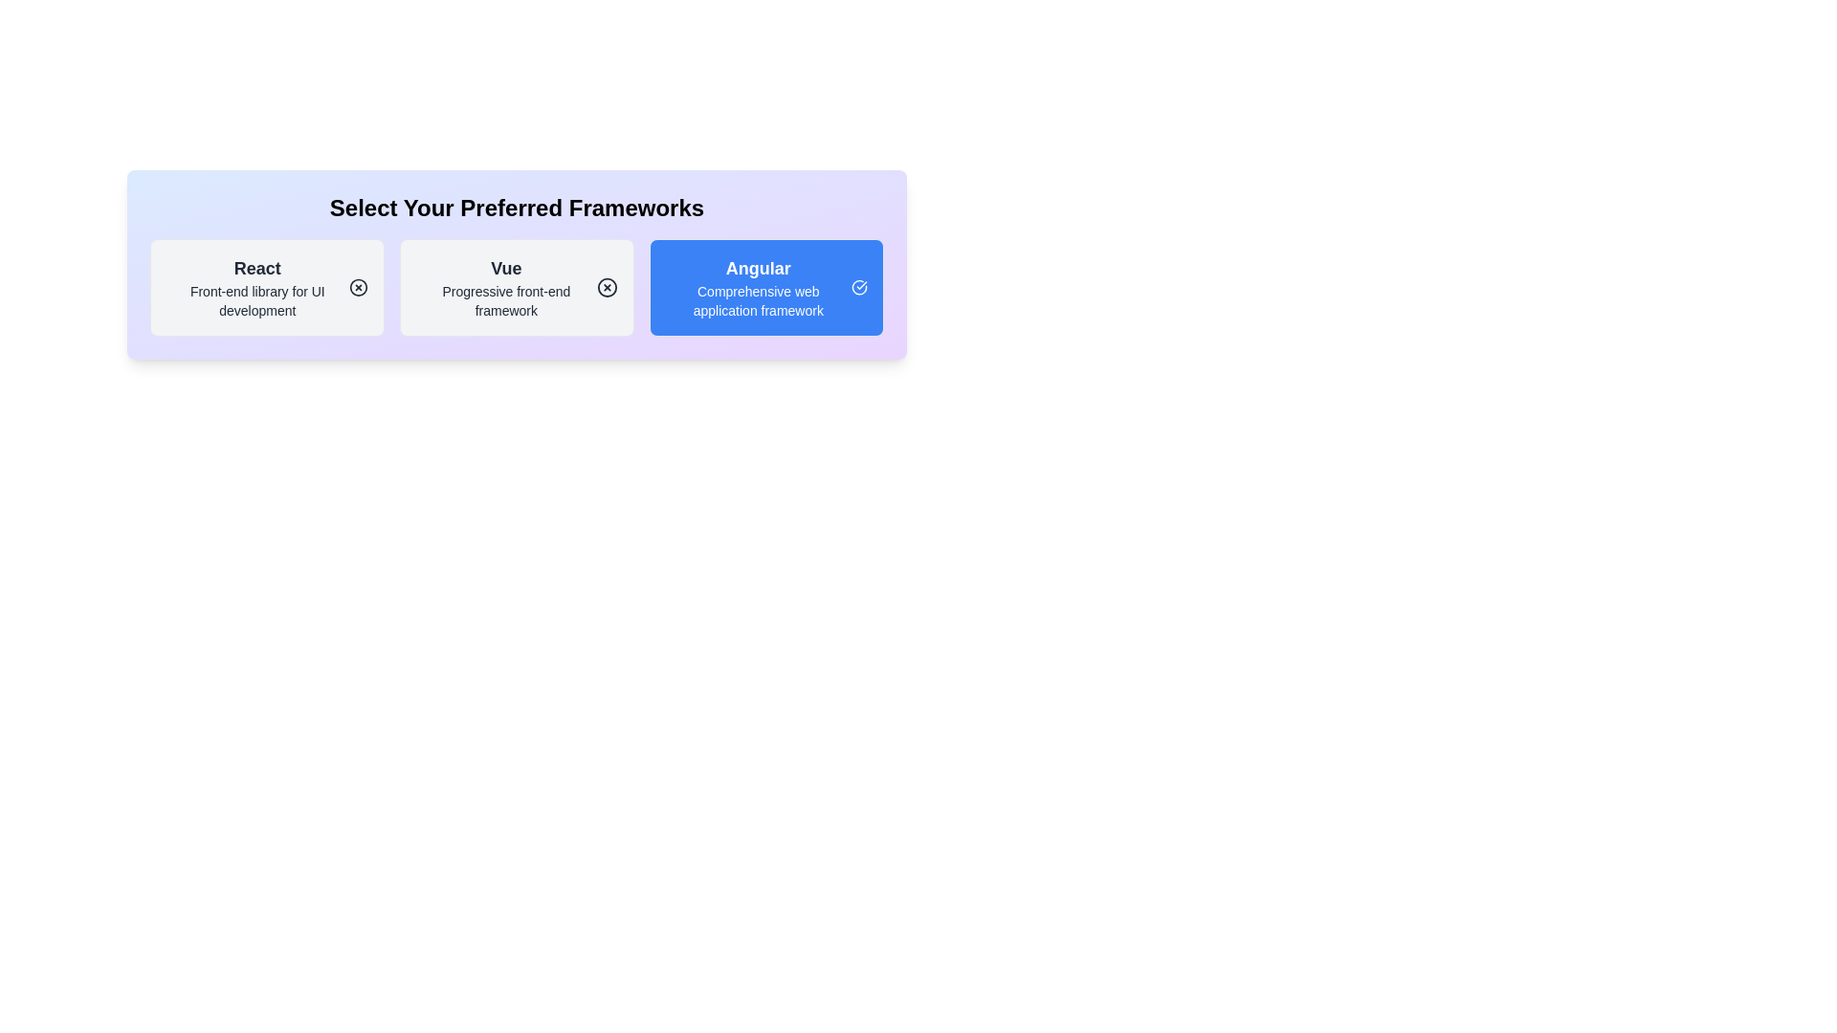 The height and width of the screenshot is (1033, 1837). I want to click on the chip labeled Vue to observe its hover effects, so click(517, 287).